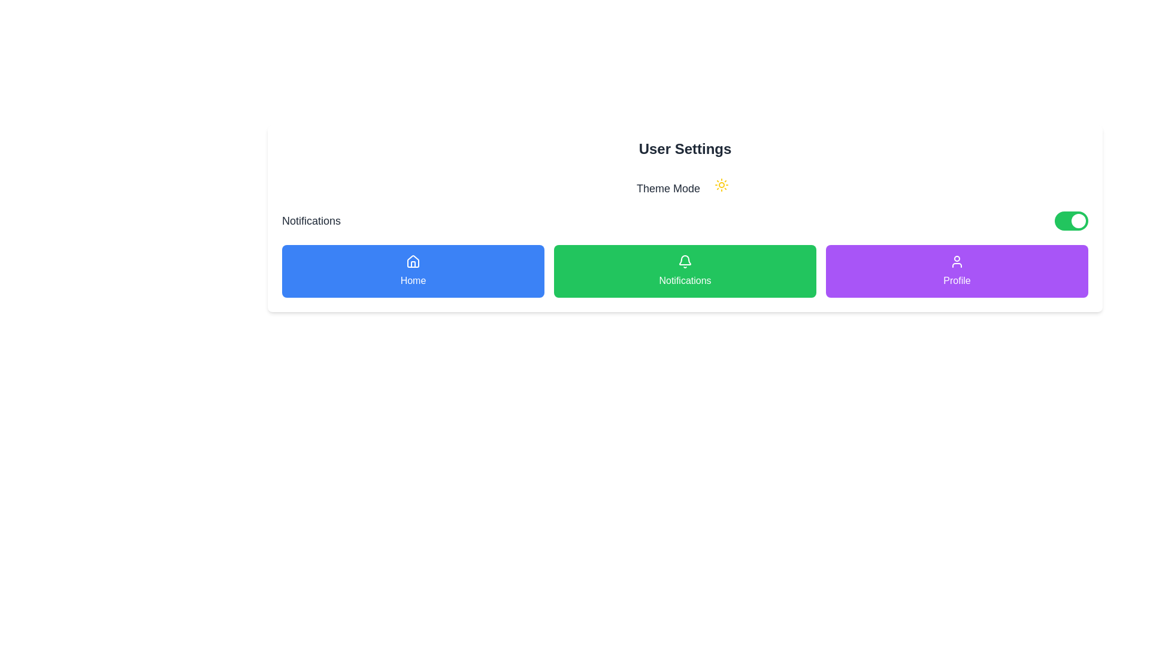 This screenshot has height=647, width=1150. What do you see at coordinates (413, 261) in the screenshot?
I see `the 'Home' icon on the blue rectangular button located on the leftmost side of the navigation menu to possibly see a tooltip` at bounding box center [413, 261].